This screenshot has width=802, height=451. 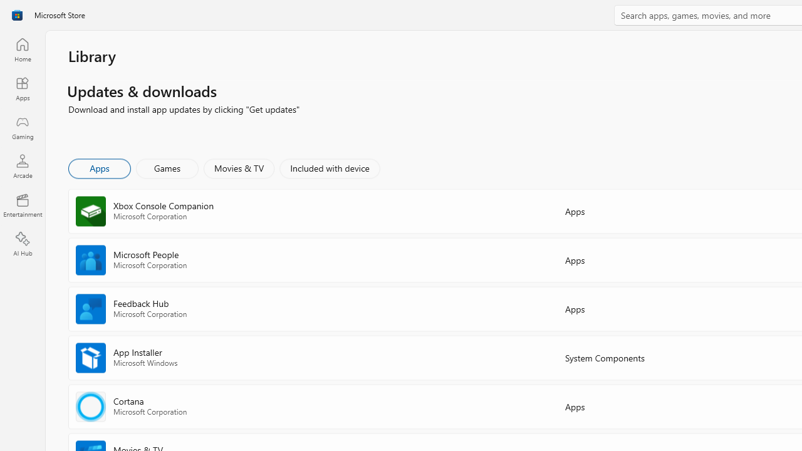 What do you see at coordinates (22, 127) in the screenshot?
I see `'Gaming'` at bounding box center [22, 127].